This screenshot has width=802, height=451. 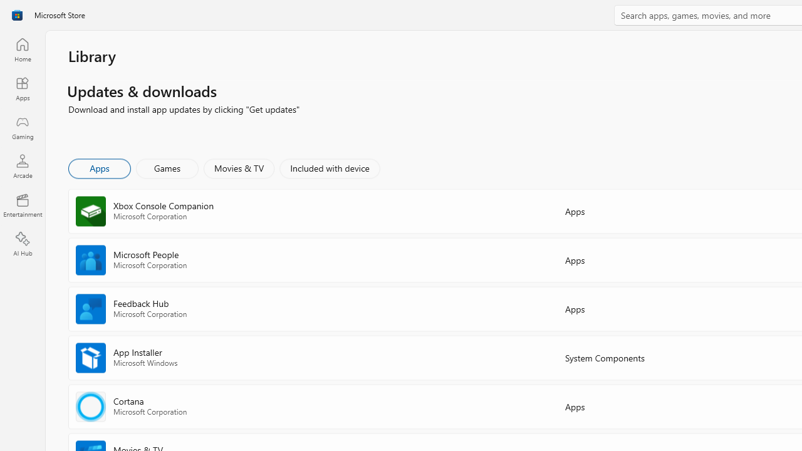 What do you see at coordinates (22, 127) in the screenshot?
I see `'Gaming'` at bounding box center [22, 127].